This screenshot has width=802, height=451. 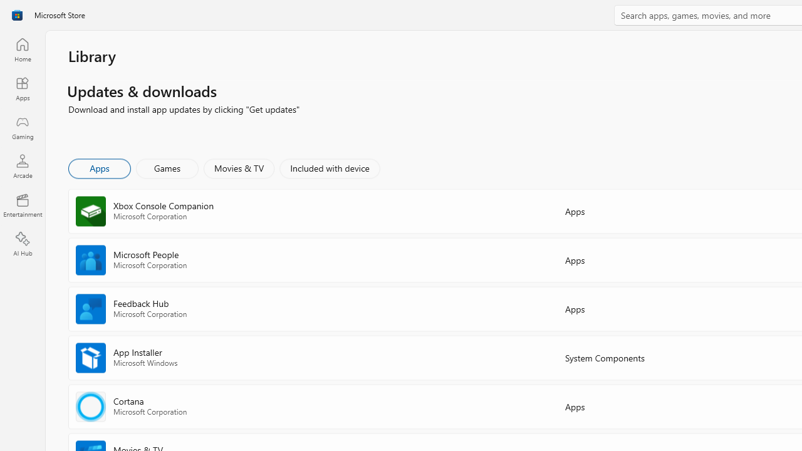 What do you see at coordinates (22, 127) in the screenshot?
I see `'Gaming'` at bounding box center [22, 127].